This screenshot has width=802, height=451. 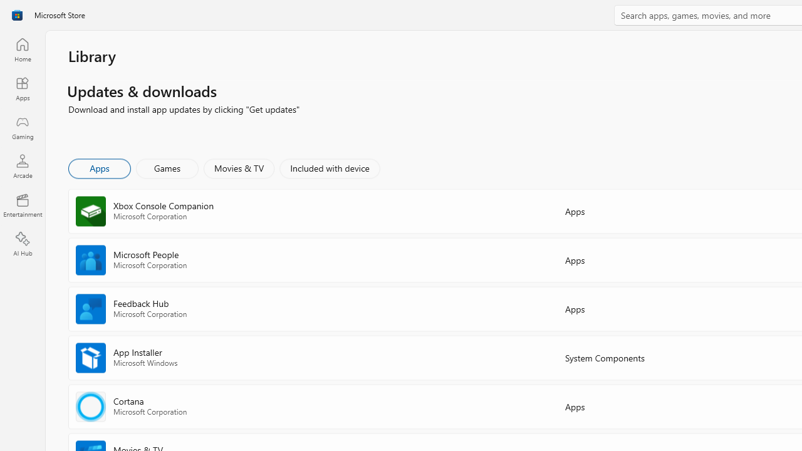 What do you see at coordinates (22, 127) in the screenshot?
I see `'Gaming'` at bounding box center [22, 127].